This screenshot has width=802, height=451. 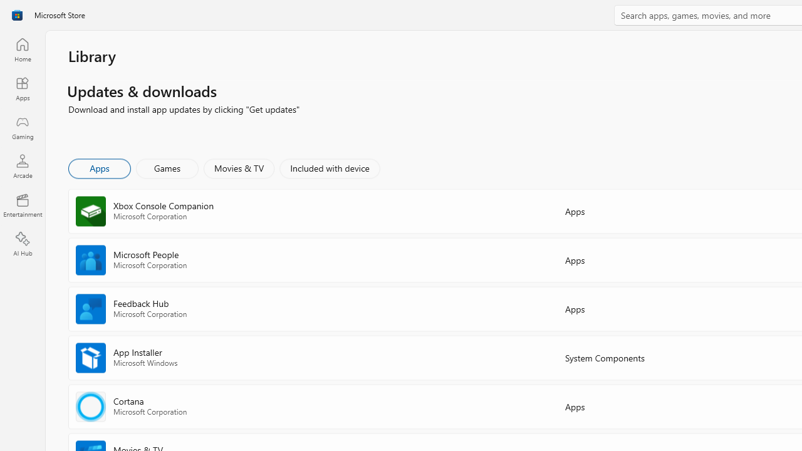 What do you see at coordinates (22, 127) in the screenshot?
I see `'Gaming'` at bounding box center [22, 127].